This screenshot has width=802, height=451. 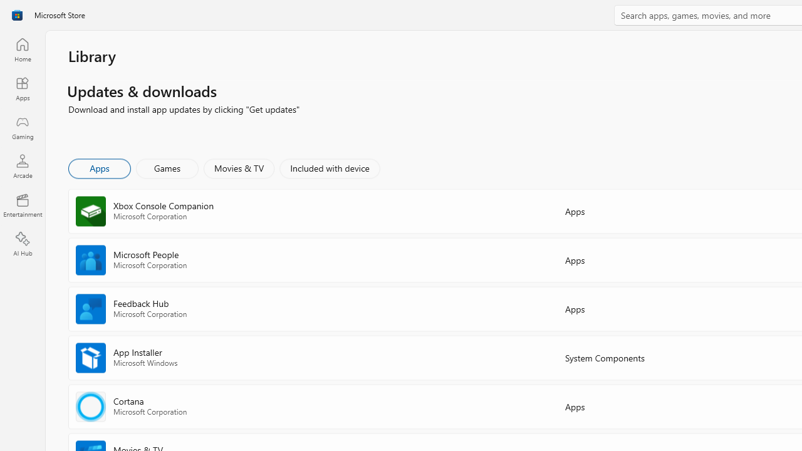 What do you see at coordinates (22, 127) in the screenshot?
I see `'Gaming'` at bounding box center [22, 127].